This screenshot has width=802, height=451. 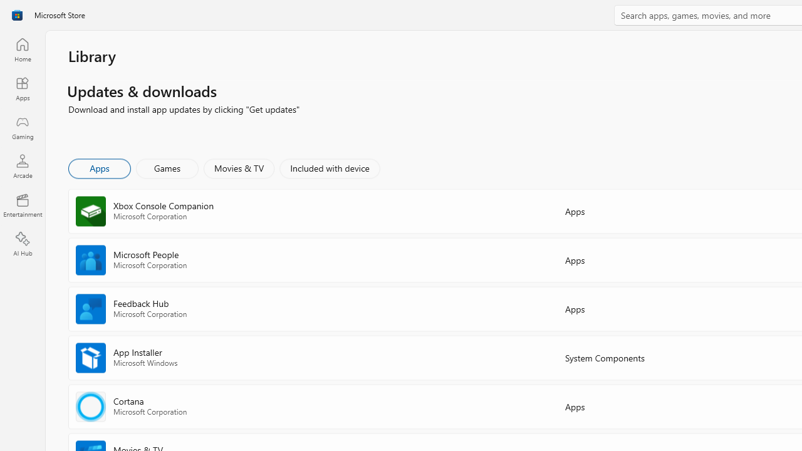 What do you see at coordinates (22, 127) in the screenshot?
I see `'Gaming'` at bounding box center [22, 127].